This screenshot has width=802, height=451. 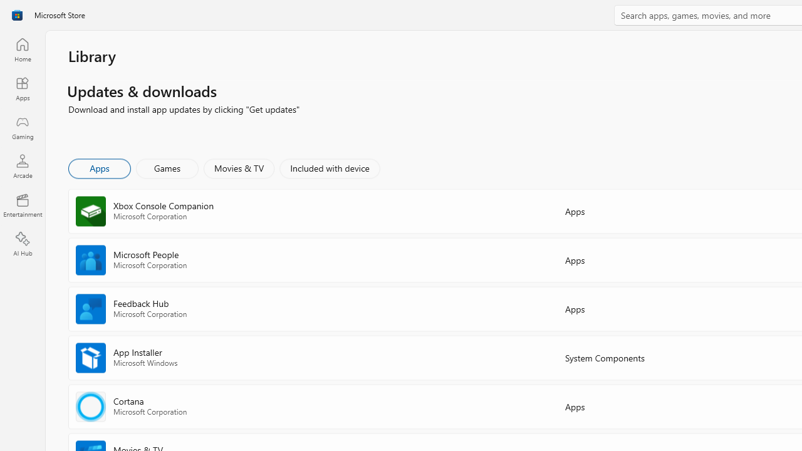 What do you see at coordinates (22, 127) in the screenshot?
I see `'Gaming'` at bounding box center [22, 127].